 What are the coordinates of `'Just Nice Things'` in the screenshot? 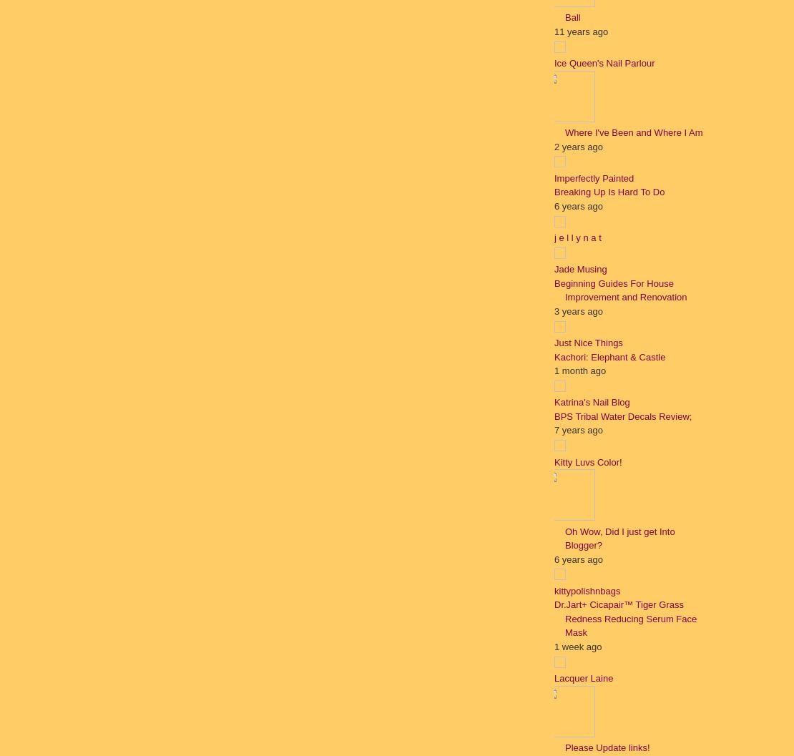 It's located at (588, 343).